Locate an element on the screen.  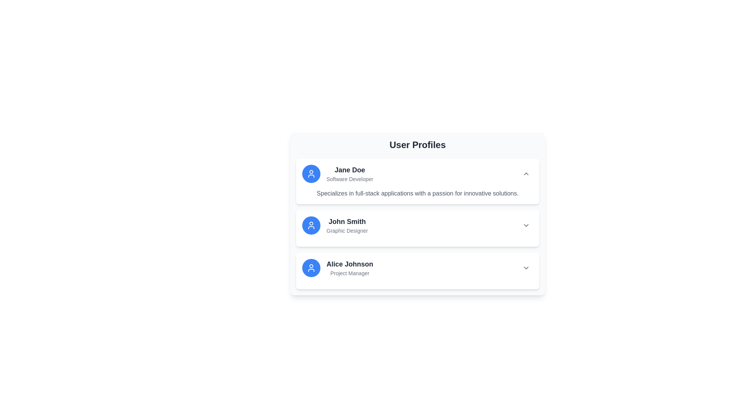
the text block displaying the user's name and job title, located to the right of the user avatar in the first card of the user profile list is located at coordinates (349, 174).